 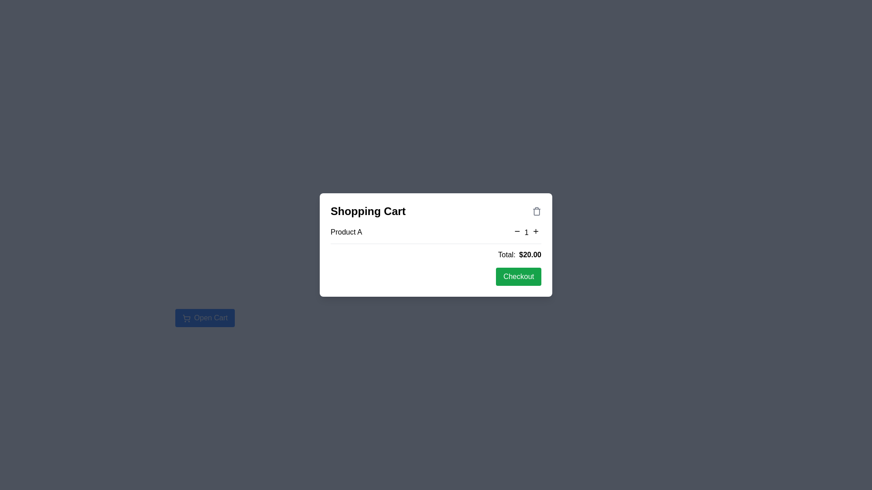 I want to click on the static text label 'Product A' located on the left side of the shopping cart interface, so click(x=346, y=231).